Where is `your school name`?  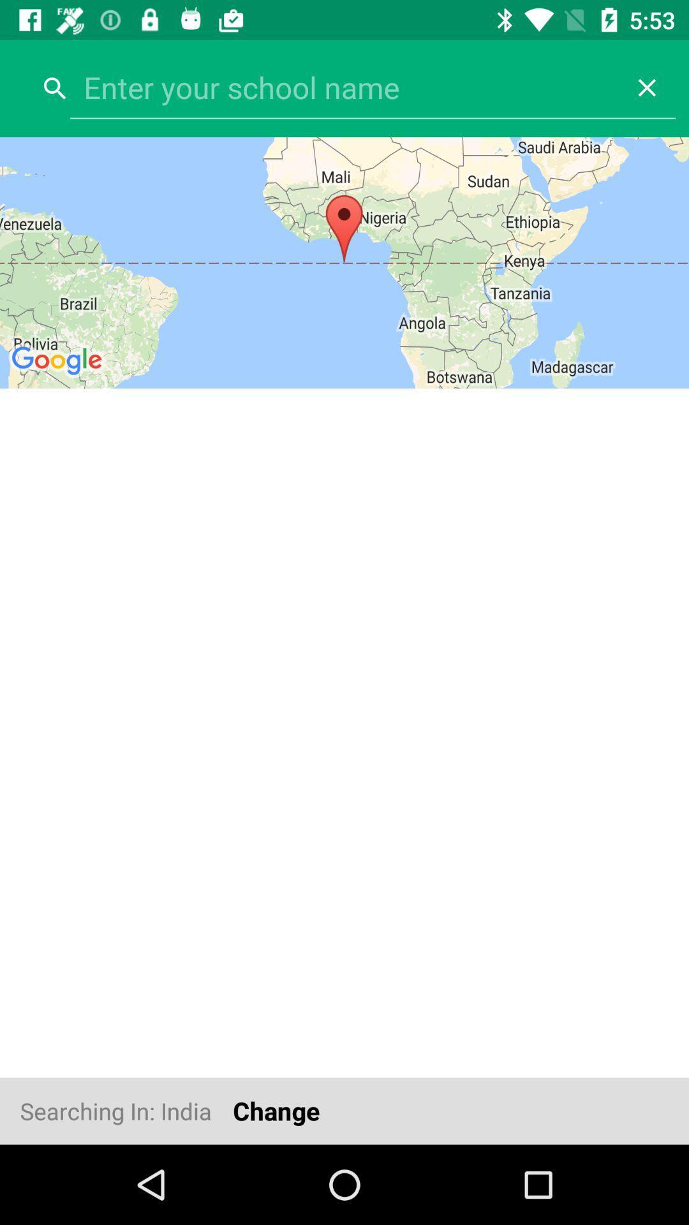 your school name is located at coordinates (344, 87).